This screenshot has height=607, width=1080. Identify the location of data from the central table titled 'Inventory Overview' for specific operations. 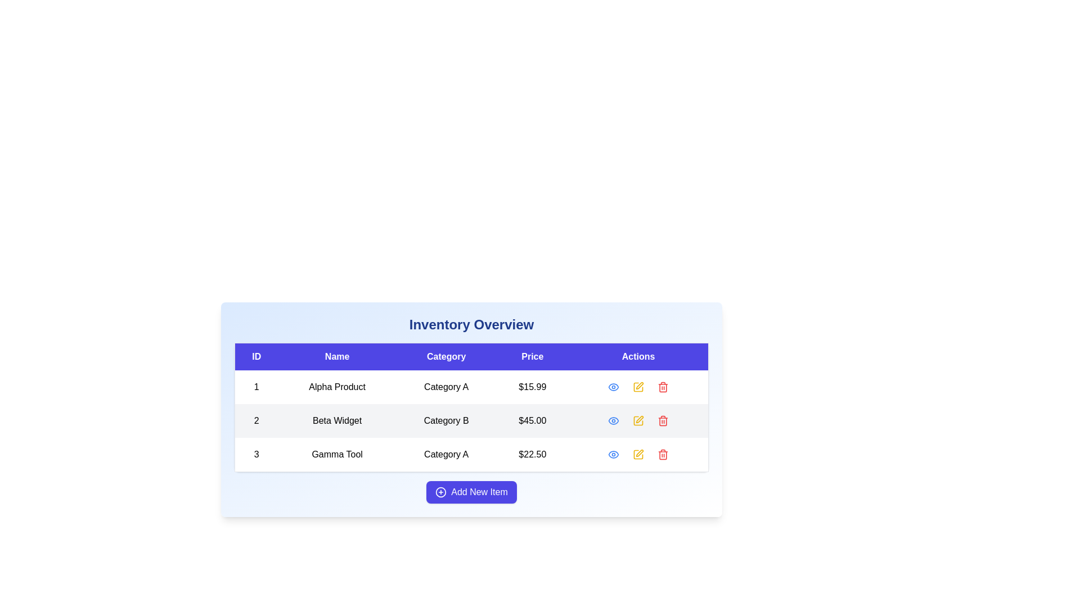
(471, 407).